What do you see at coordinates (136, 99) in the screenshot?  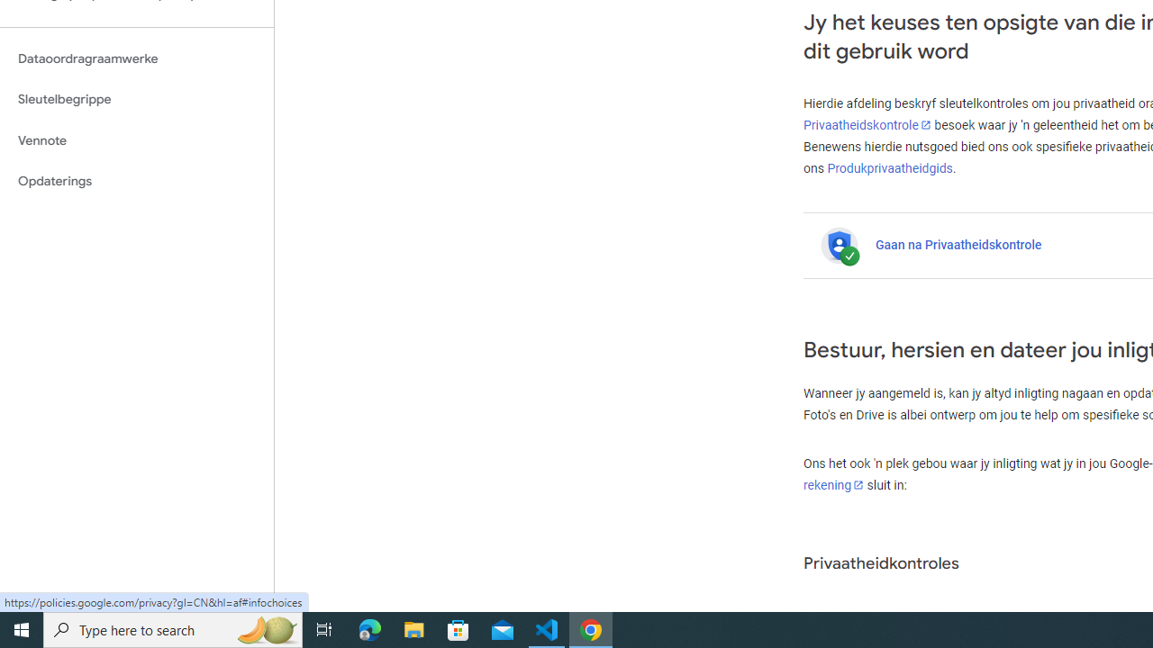 I see `'Sleutelbegrippe'` at bounding box center [136, 99].